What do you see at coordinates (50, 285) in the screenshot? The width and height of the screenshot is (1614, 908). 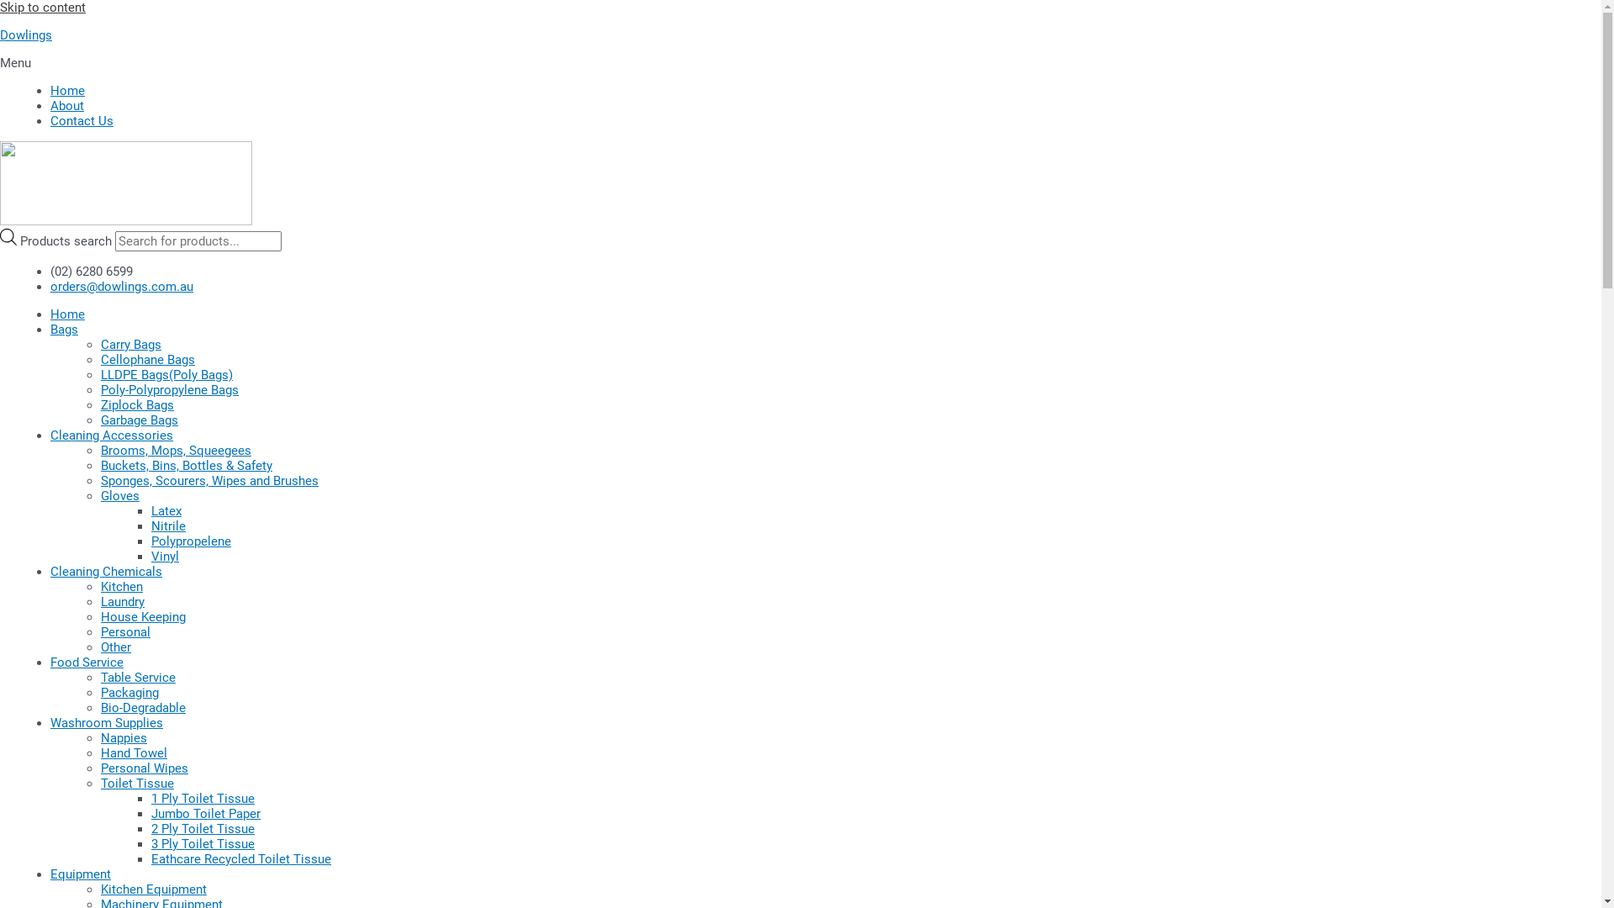 I see `'orders@dowlings.com.au'` at bounding box center [50, 285].